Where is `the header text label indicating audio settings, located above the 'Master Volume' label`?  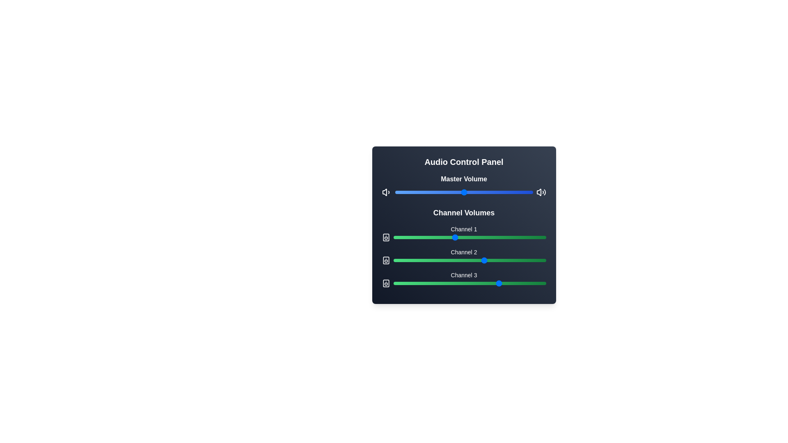 the header text label indicating audio settings, located above the 'Master Volume' label is located at coordinates (464, 162).